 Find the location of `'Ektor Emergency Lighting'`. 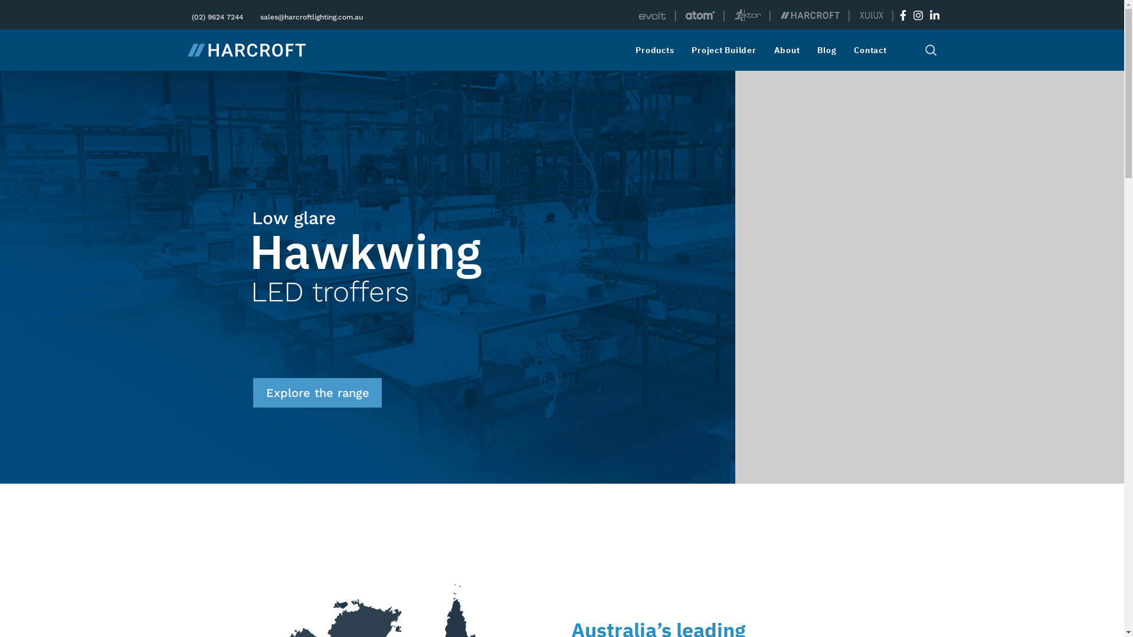

'Ektor Emergency Lighting' is located at coordinates (747, 15).